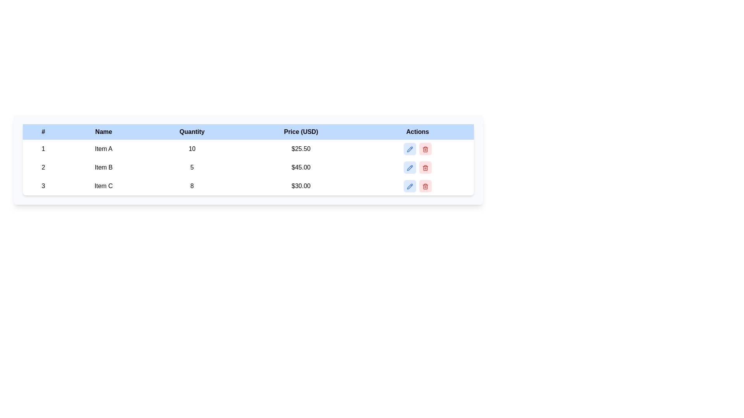 Image resolution: width=744 pixels, height=418 pixels. What do you see at coordinates (409, 149) in the screenshot?
I see `the edit button located in the first row under the 'Actions' column of the table to initiate editing` at bounding box center [409, 149].